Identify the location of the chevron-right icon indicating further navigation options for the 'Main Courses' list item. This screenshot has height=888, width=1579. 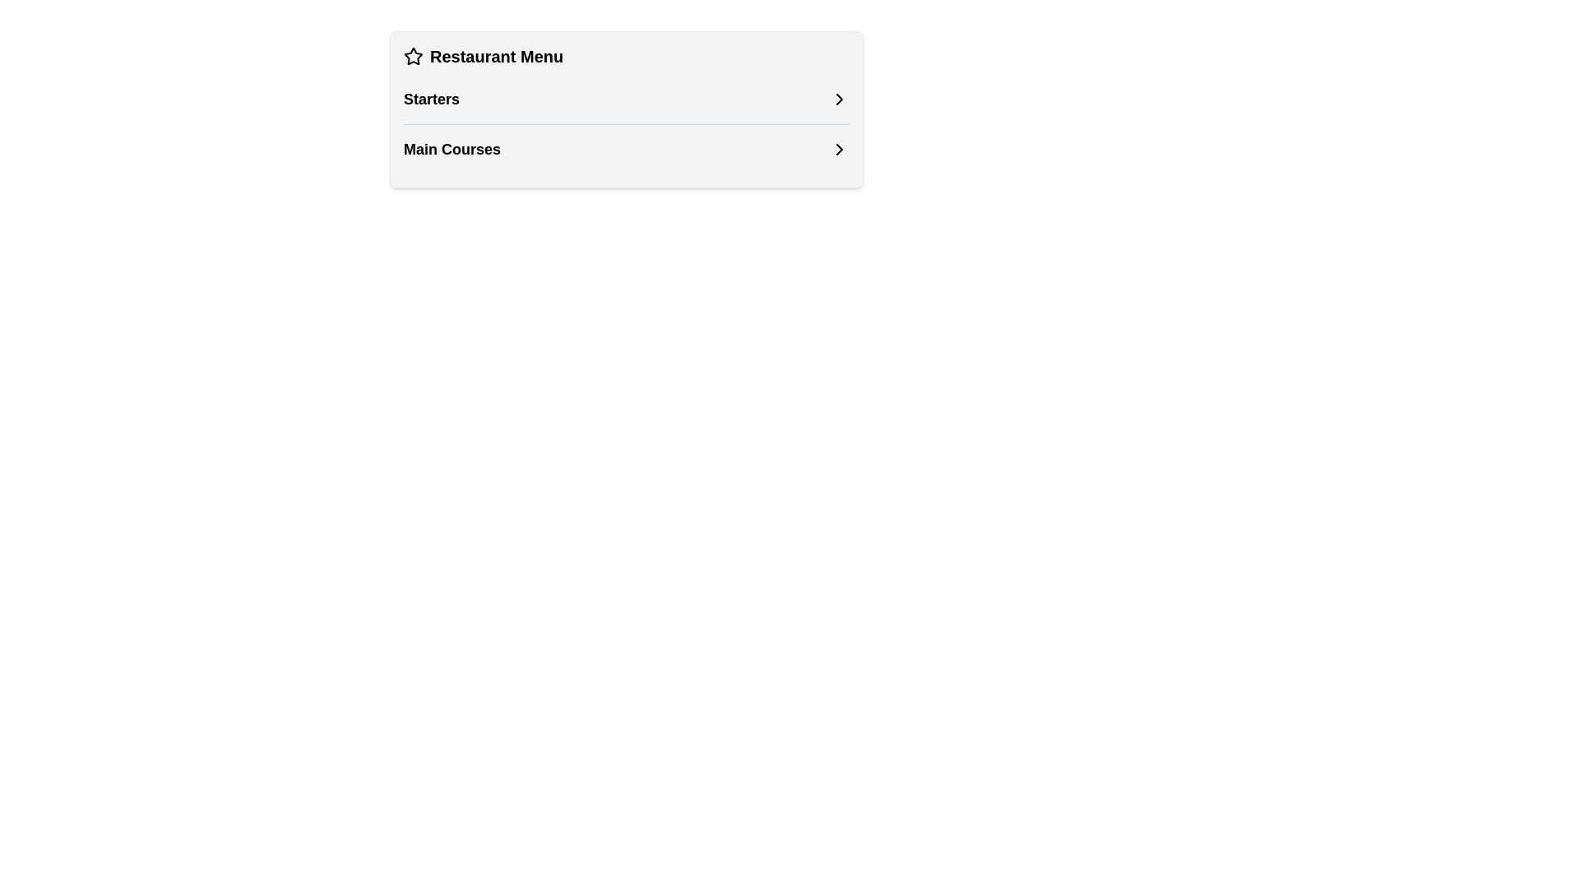
(840, 149).